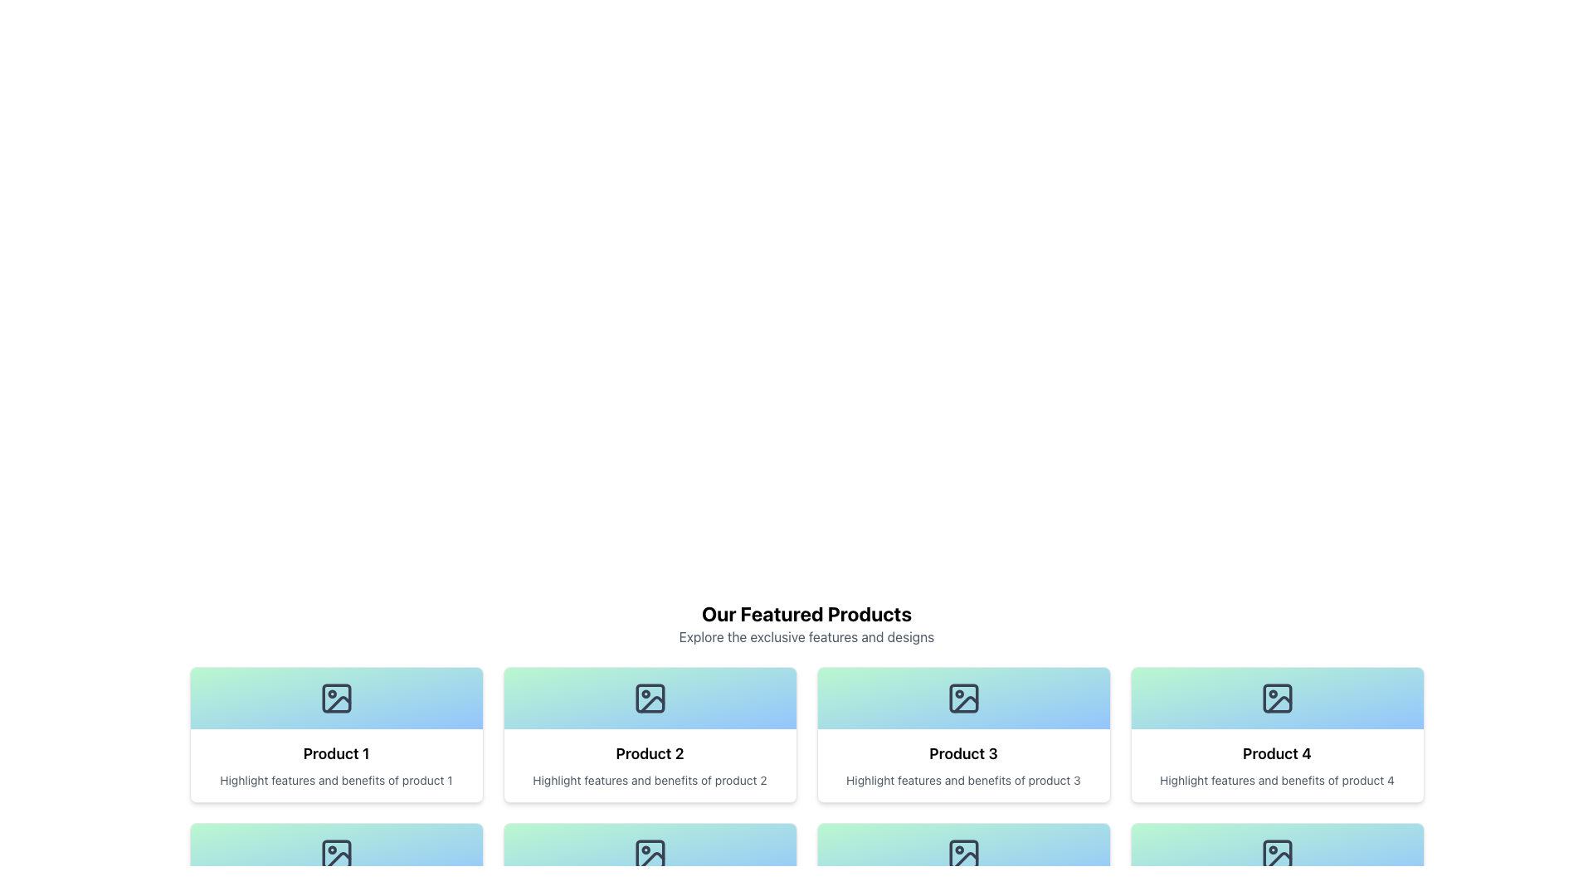  I want to click on the small rectangle inside the image-related icon located in the fourth product card of the bottom row for interaction effects, so click(963, 854).